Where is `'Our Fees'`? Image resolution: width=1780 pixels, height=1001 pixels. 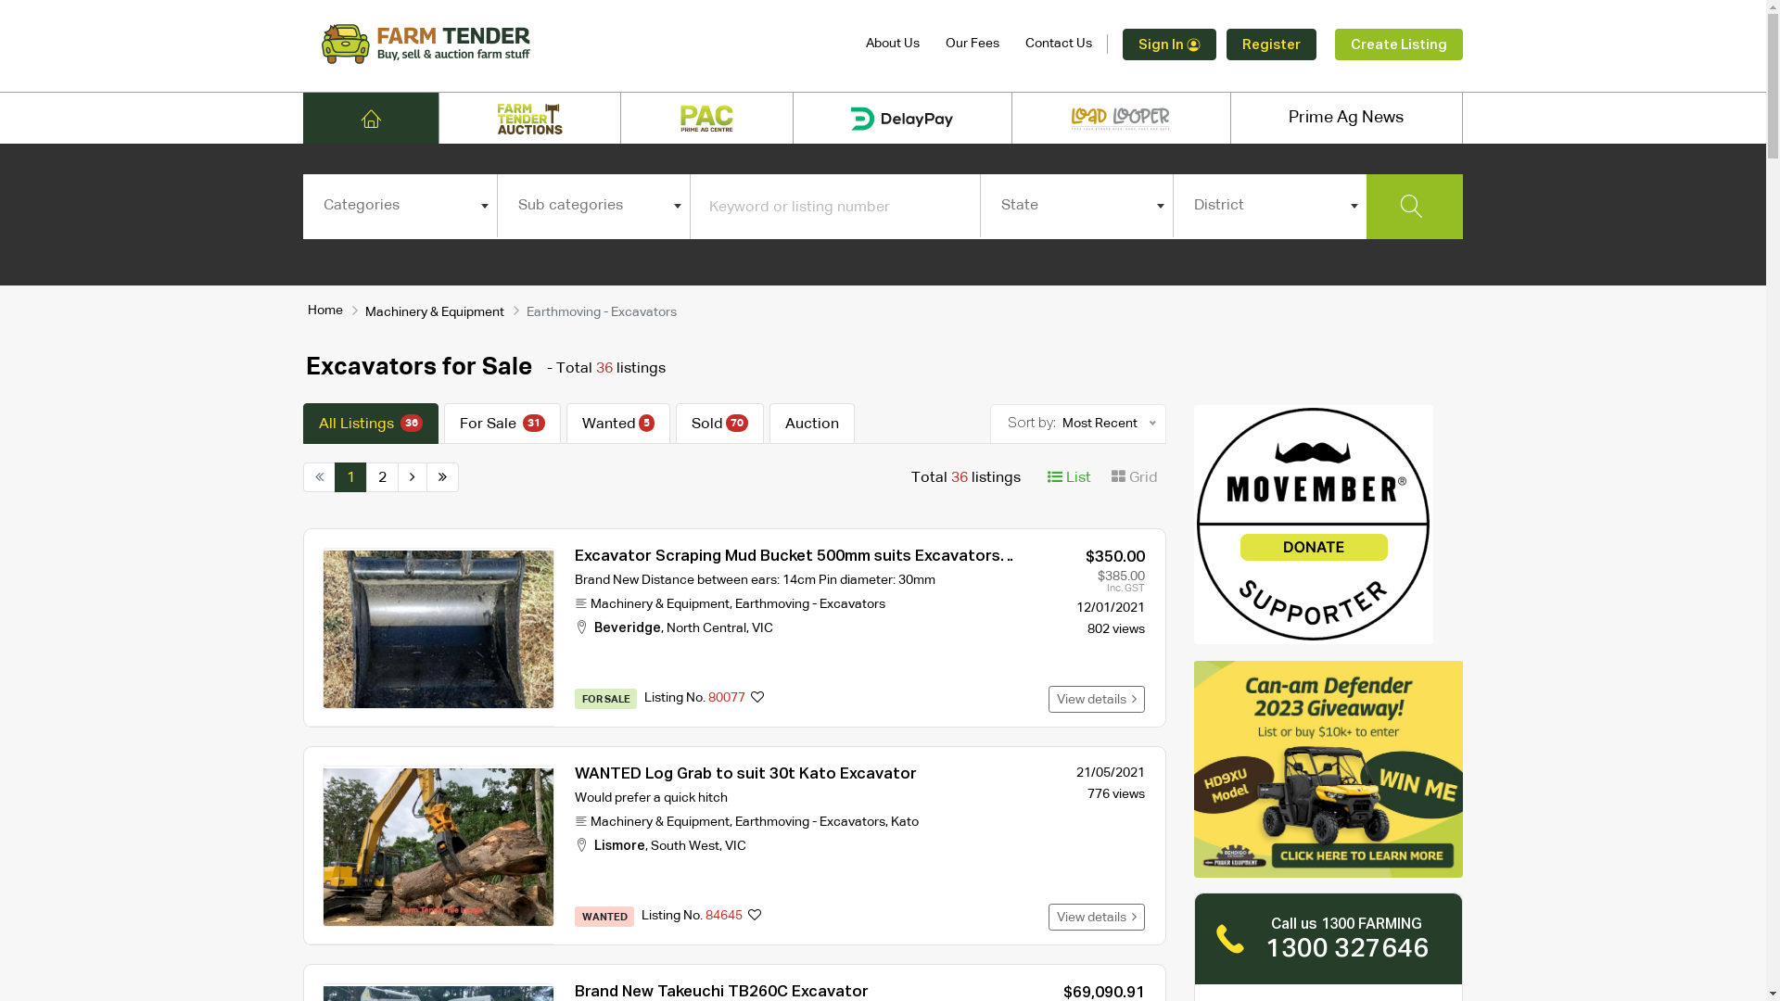
'Our Fees' is located at coordinates (972, 42).